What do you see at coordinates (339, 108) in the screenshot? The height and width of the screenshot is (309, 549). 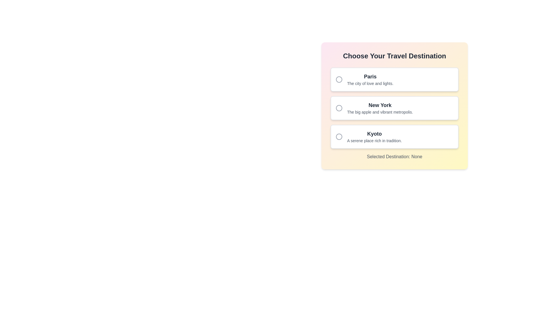 I see `the selection indicator of the 'New York' radio button` at bounding box center [339, 108].